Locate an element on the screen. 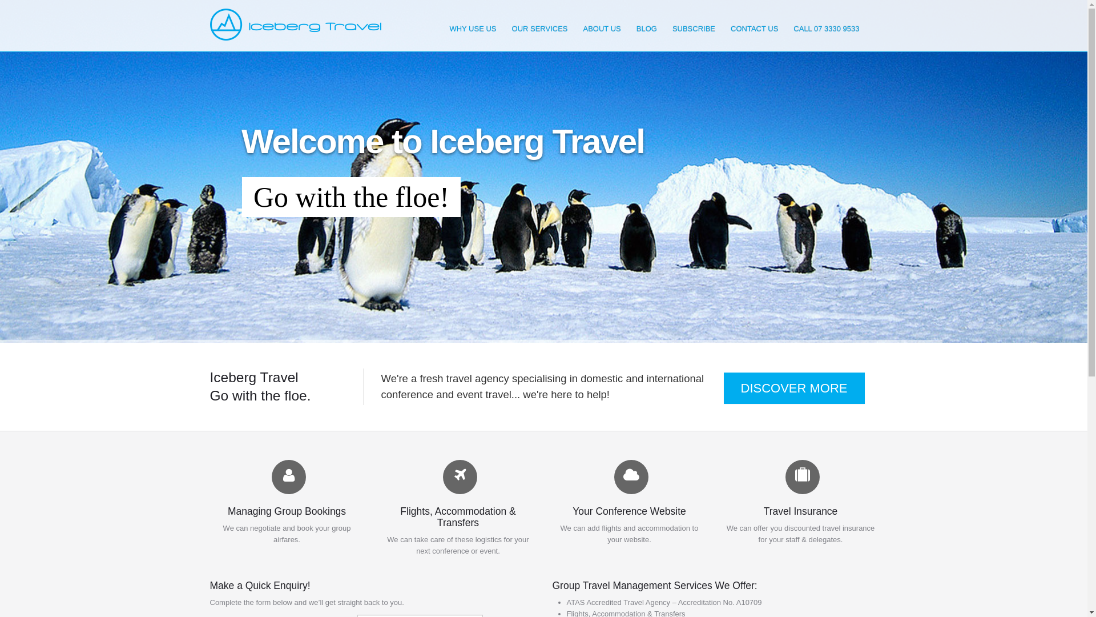  'CALL 07 3330 9533' is located at coordinates (826, 28).